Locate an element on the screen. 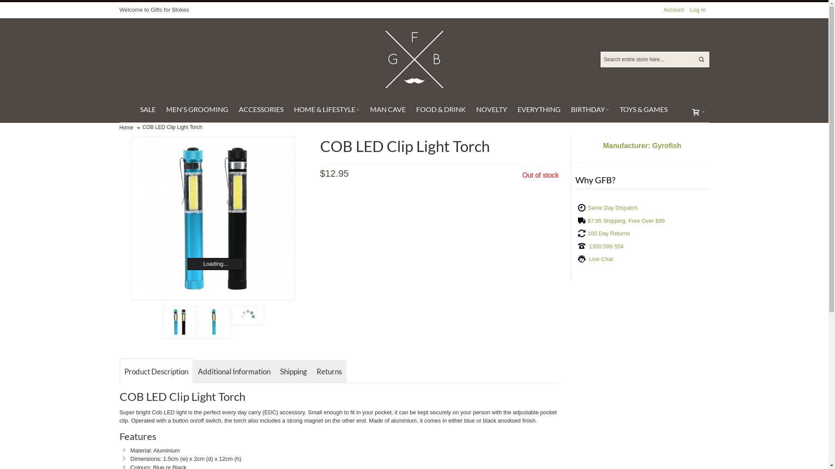 This screenshot has height=469, width=835. 'Product Description' is located at coordinates (119, 370).